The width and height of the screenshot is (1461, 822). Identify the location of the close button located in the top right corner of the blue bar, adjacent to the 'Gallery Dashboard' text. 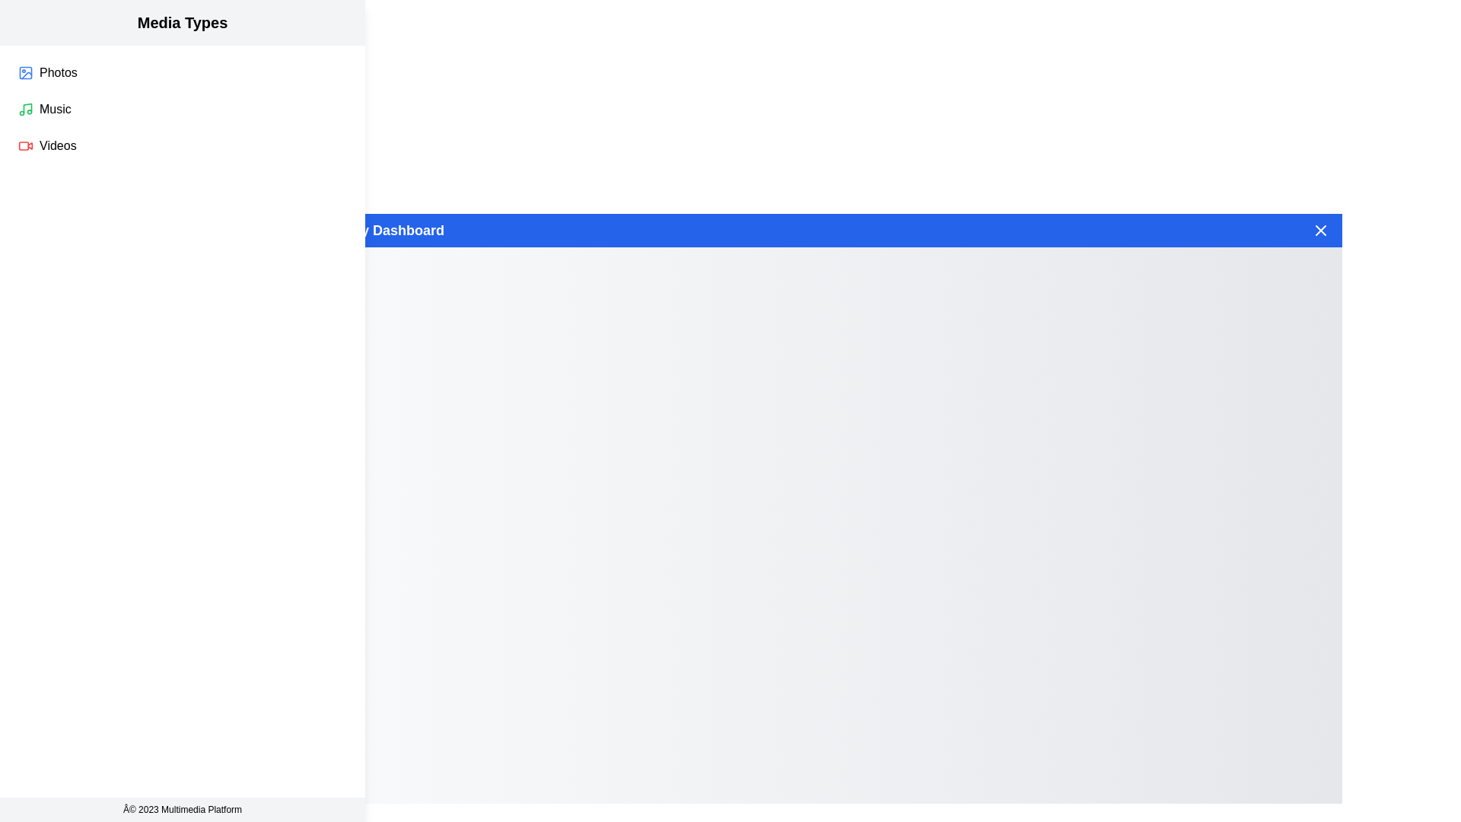
(1320, 231).